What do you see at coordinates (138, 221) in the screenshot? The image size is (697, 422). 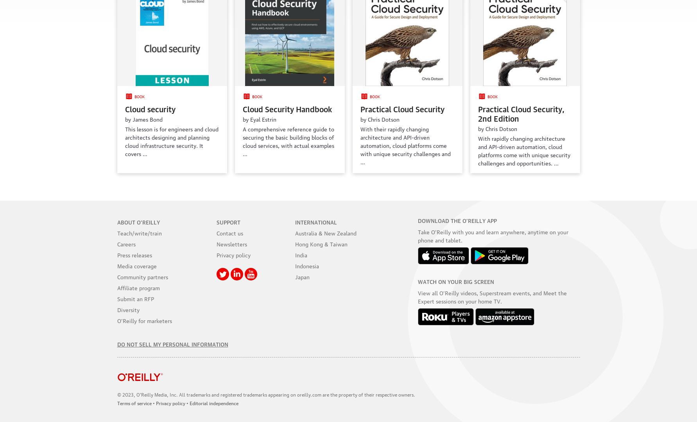 I see `'About O’Reilly'` at bounding box center [138, 221].